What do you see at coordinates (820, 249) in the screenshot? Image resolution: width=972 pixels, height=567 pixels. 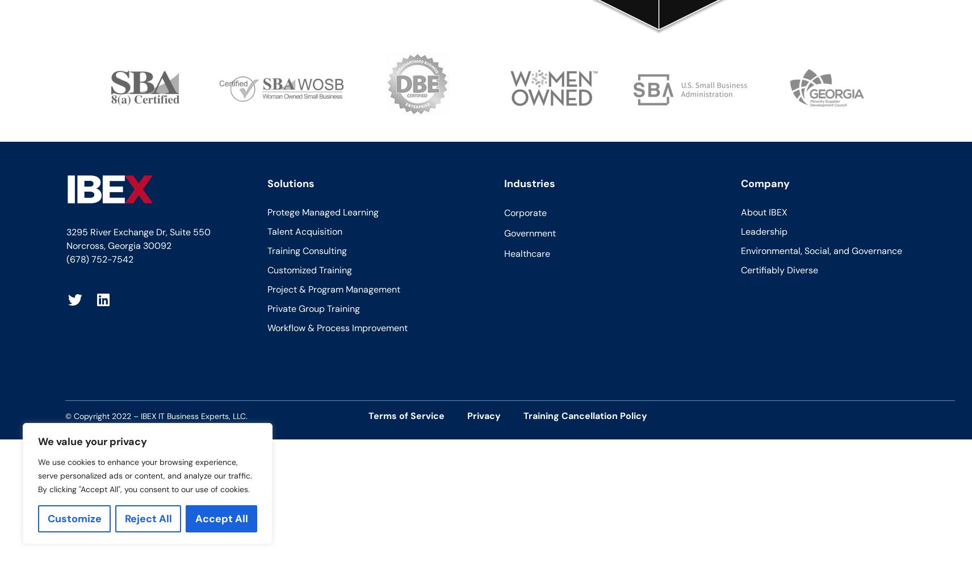 I see `'Environmental, Social, and Governance'` at bounding box center [820, 249].